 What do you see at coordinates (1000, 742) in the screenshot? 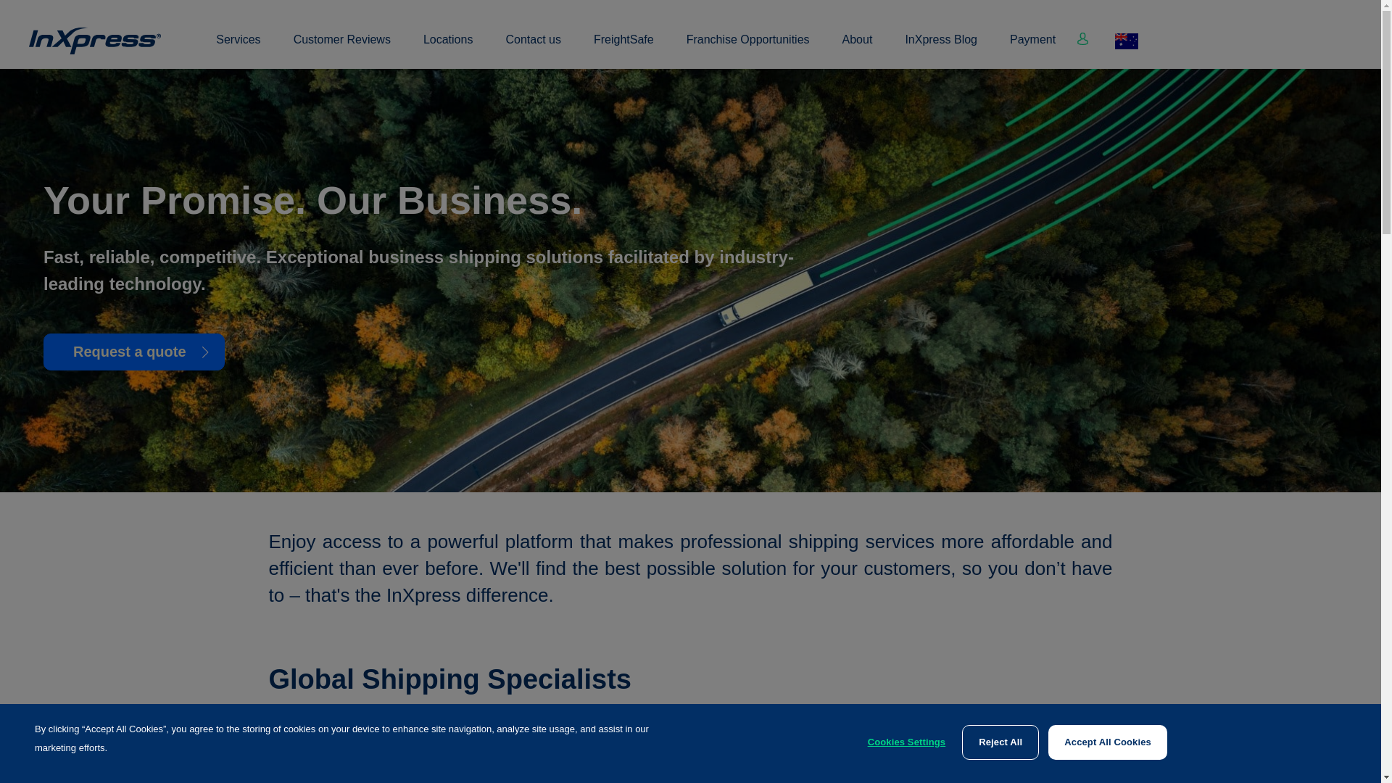
I see `'Reject All'` at bounding box center [1000, 742].